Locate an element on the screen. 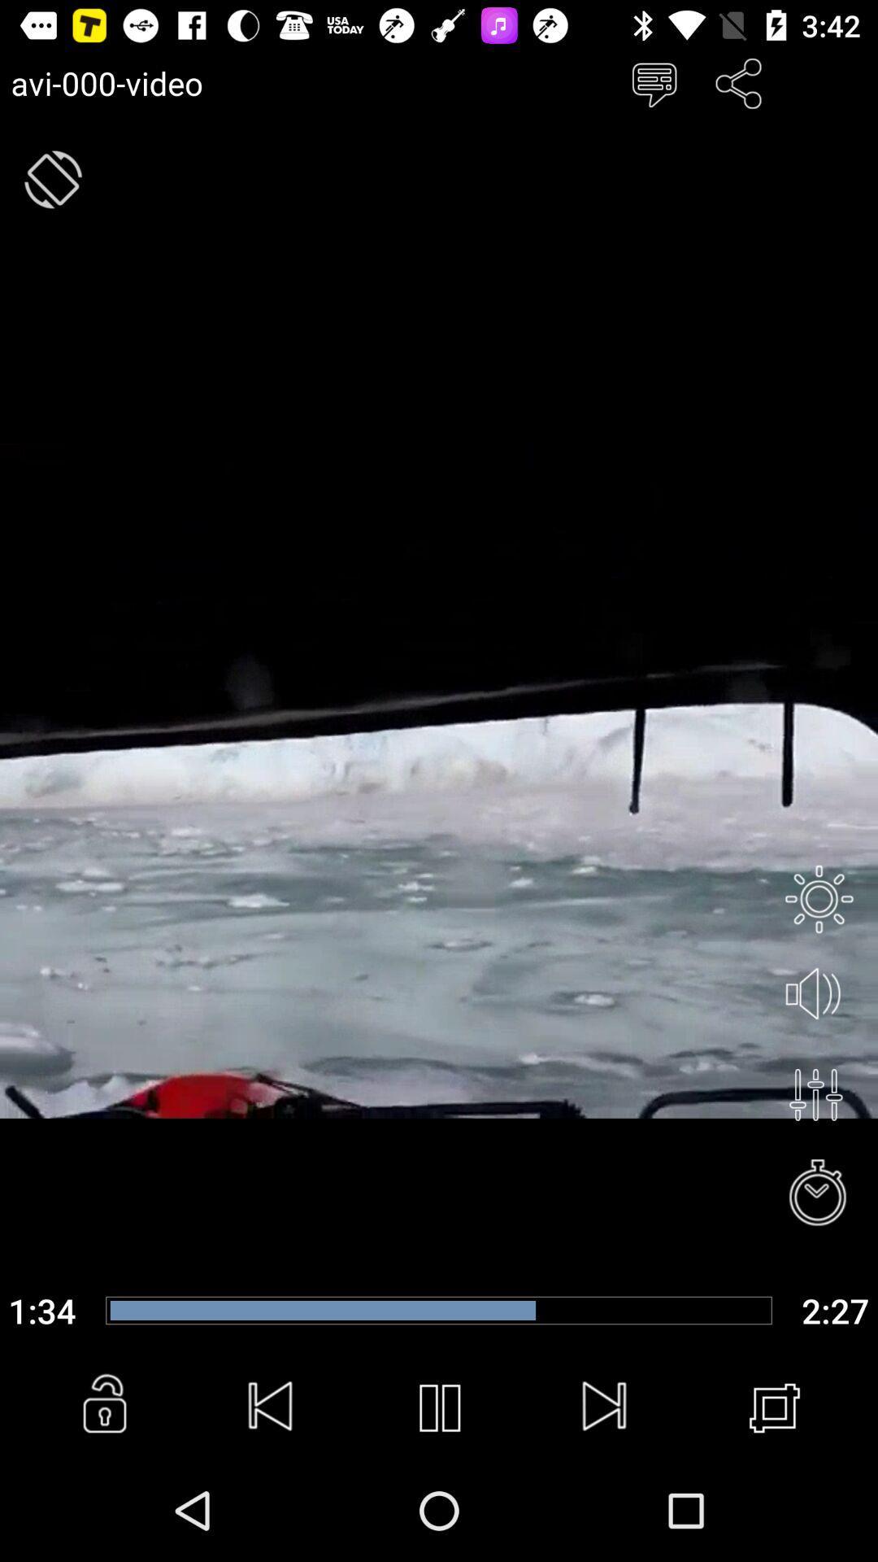 This screenshot has height=1562, width=878. flip button is located at coordinates (52, 179).